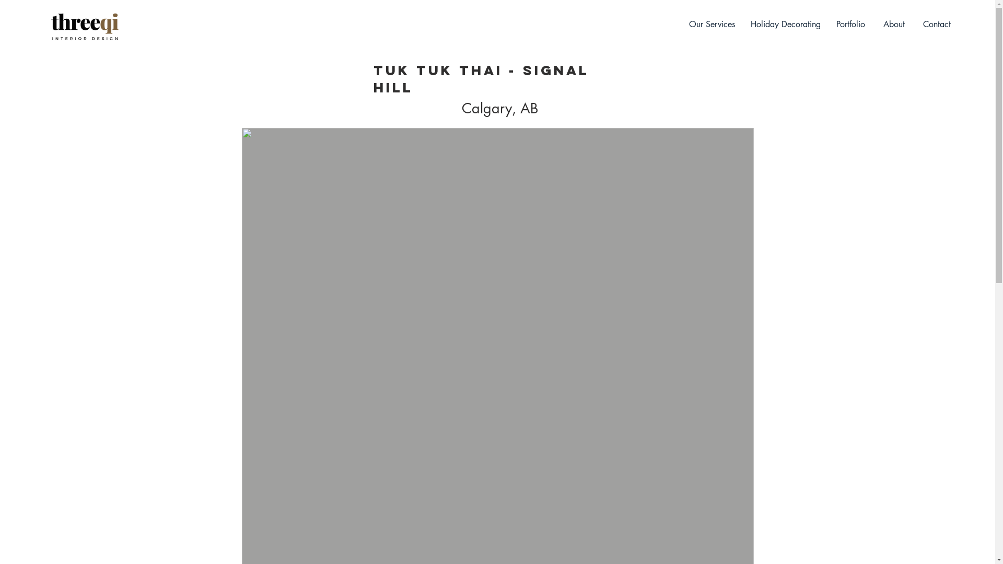 This screenshot has height=564, width=1003. I want to click on 'Our Services', so click(712, 23).